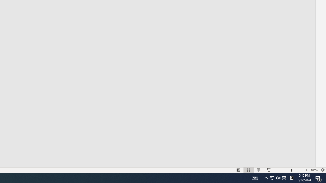  Describe the element at coordinates (314, 170) in the screenshot. I see `'Zoom 100%'` at that location.